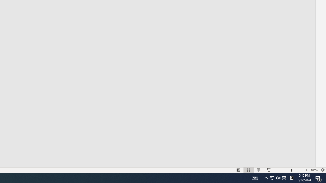  Describe the element at coordinates (314, 170) in the screenshot. I see `'Zoom 100%'` at that location.